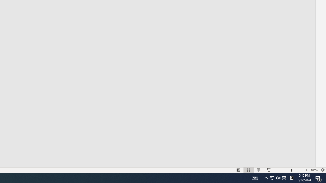  Describe the element at coordinates (314, 170) in the screenshot. I see `'Zoom 100%'` at that location.